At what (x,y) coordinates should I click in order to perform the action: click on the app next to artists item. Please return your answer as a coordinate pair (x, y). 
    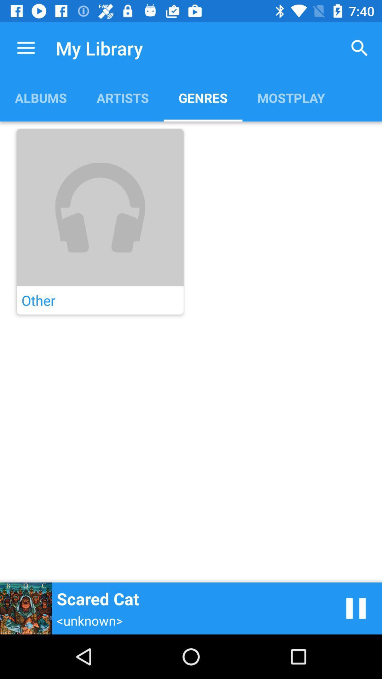
    Looking at the image, I should click on (41, 97).